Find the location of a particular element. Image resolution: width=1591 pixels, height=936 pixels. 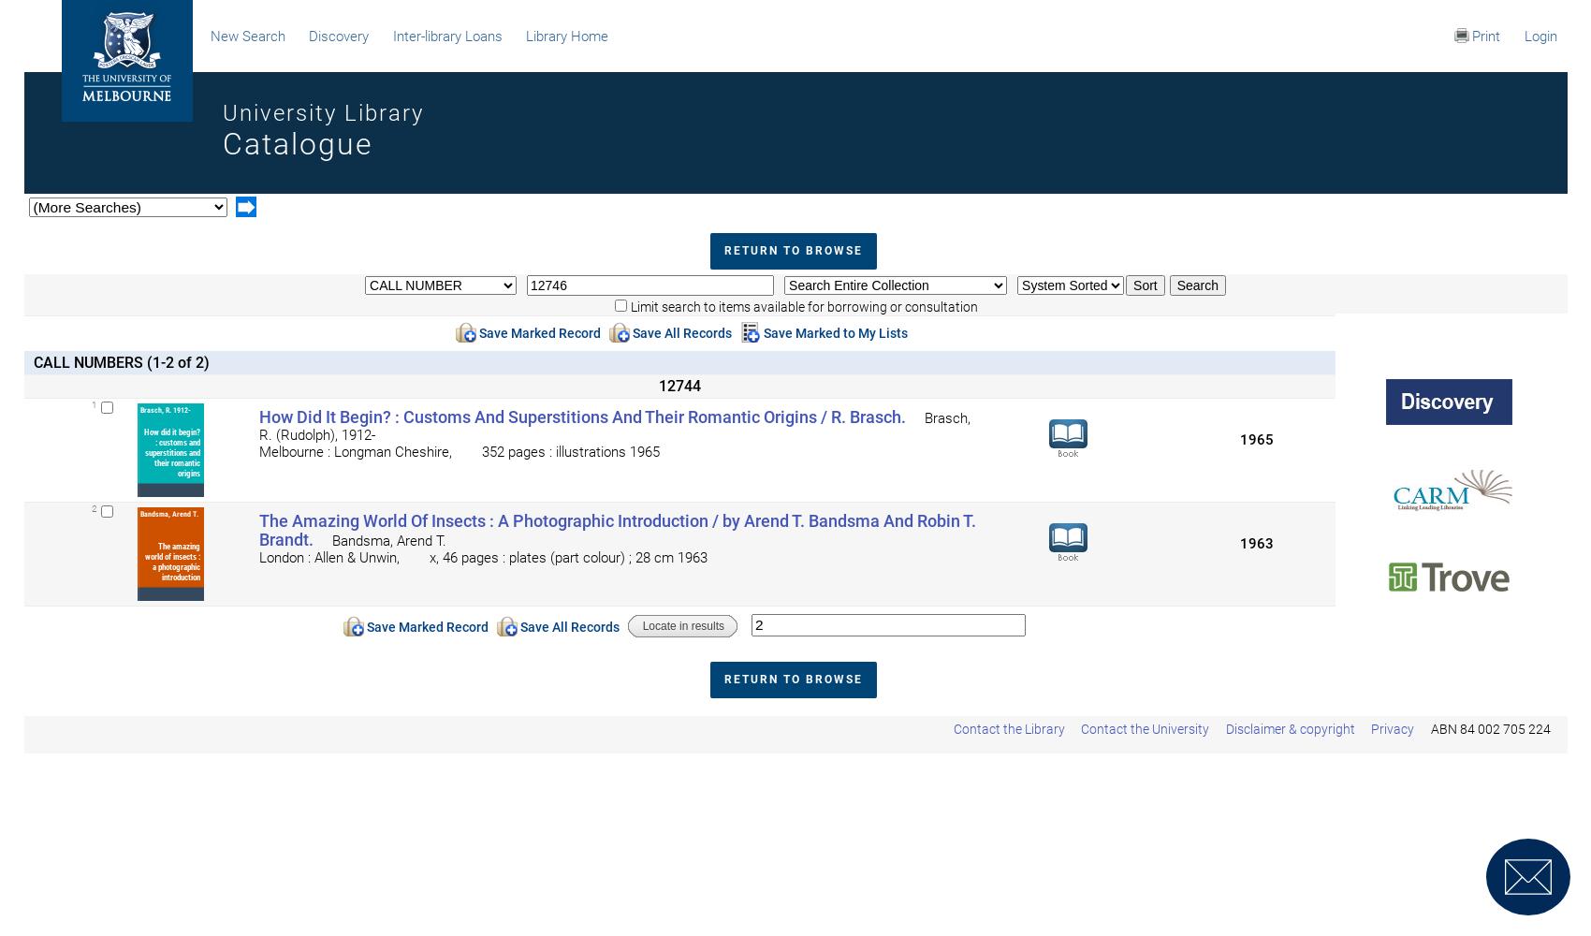

'Library Home' is located at coordinates (566, 37).